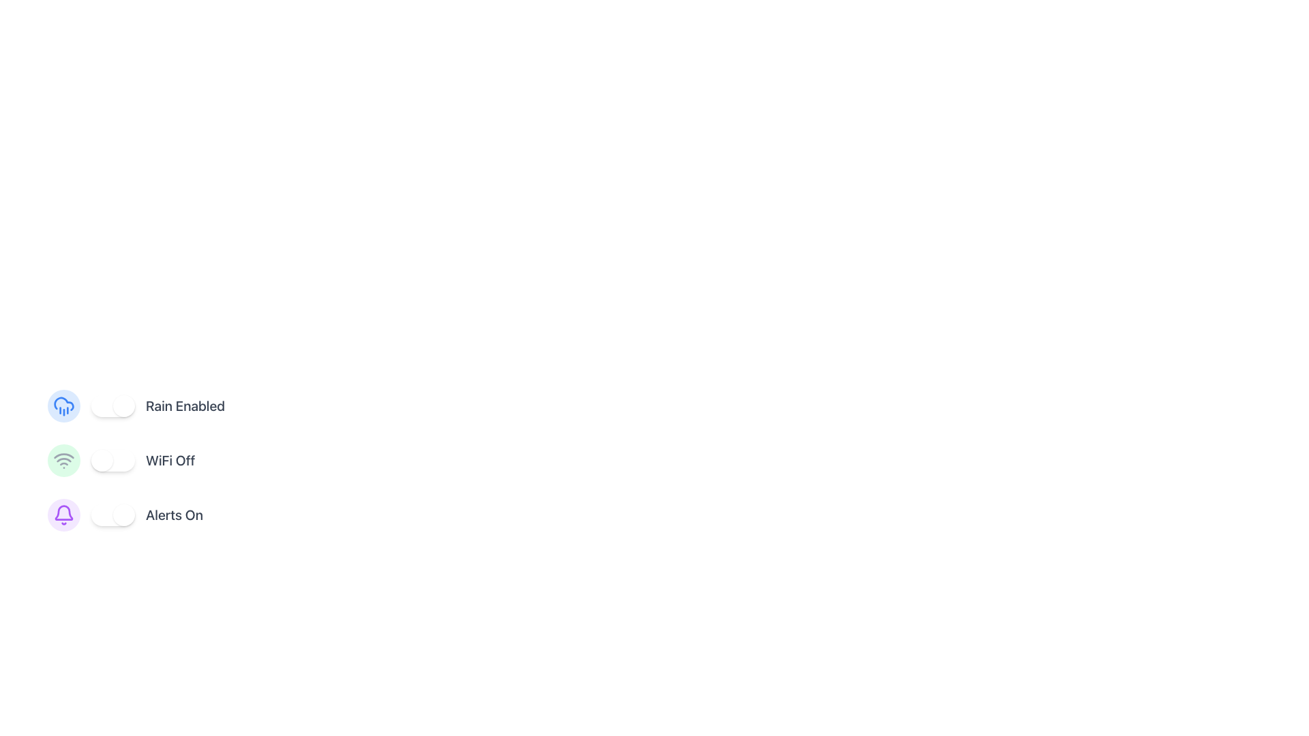 The height and width of the screenshot is (736, 1309). Describe the element at coordinates (101, 460) in the screenshot. I see `the toggle handle for the 'WiFi Off' switch` at that location.